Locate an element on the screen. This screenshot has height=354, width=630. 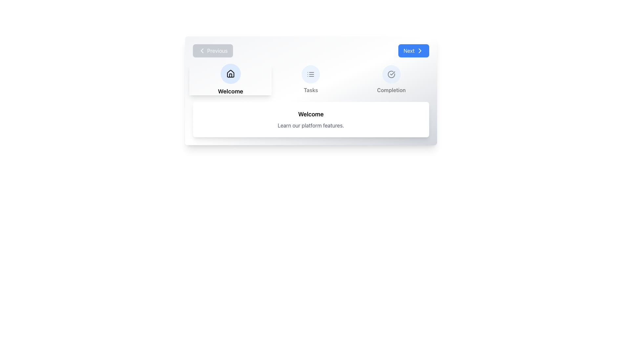
text label that describes the 'Completion' navigation item, located under the corresponding icon is located at coordinates (391, 90).